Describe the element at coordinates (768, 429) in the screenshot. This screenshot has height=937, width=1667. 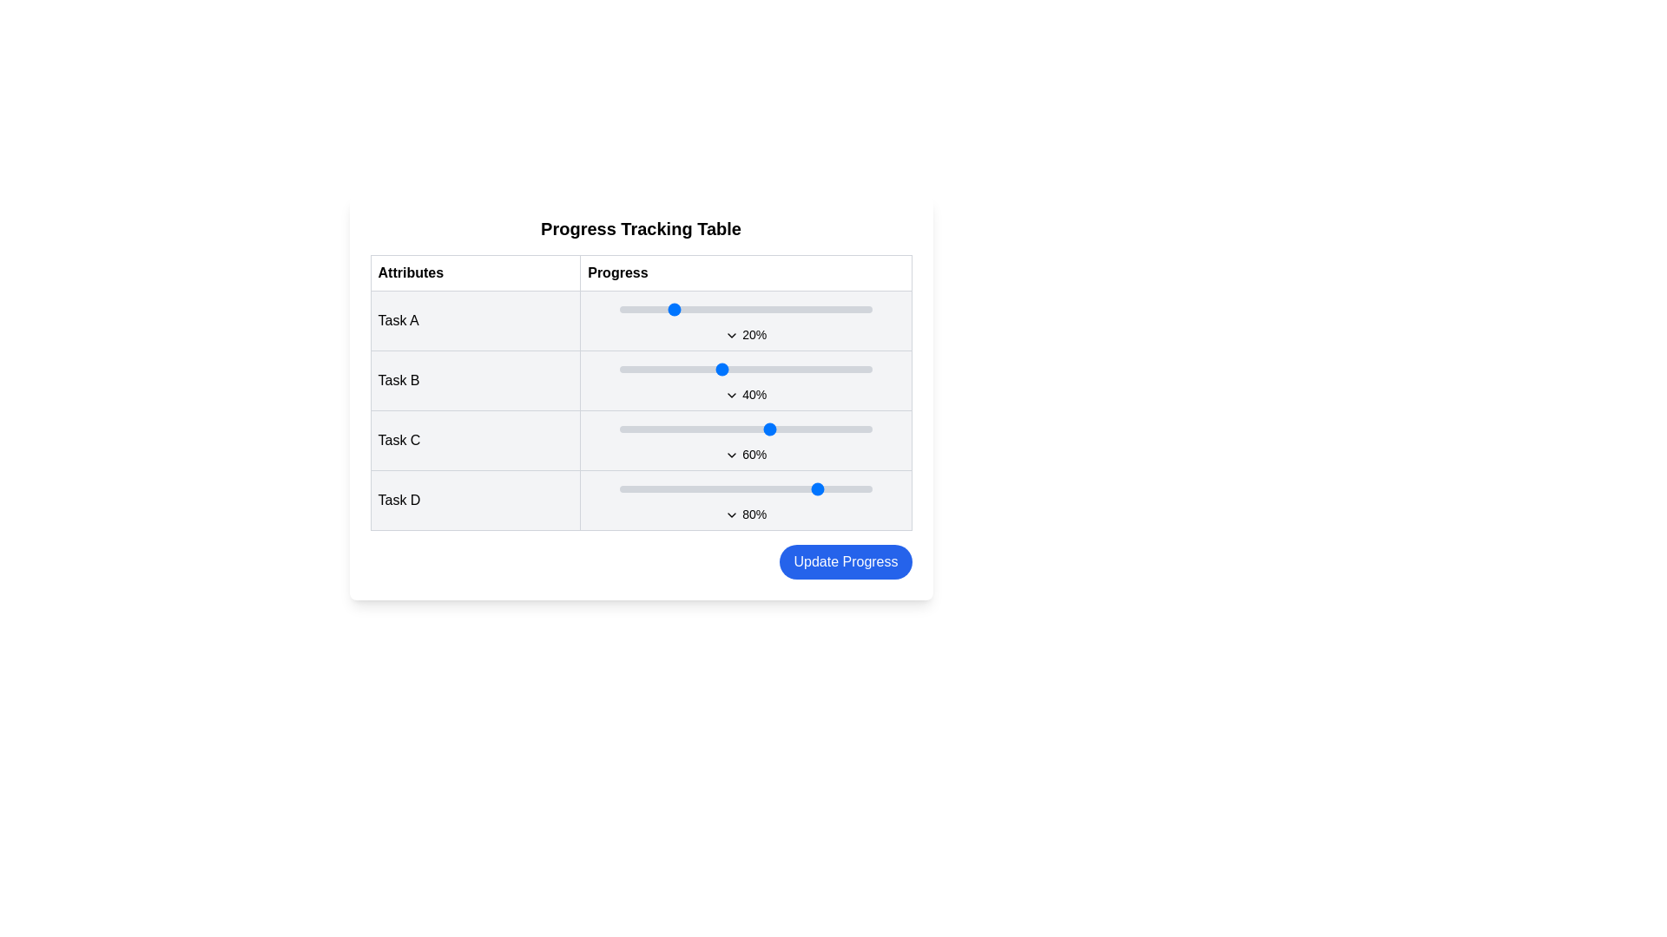
I see `the progress for Task C` at that location.